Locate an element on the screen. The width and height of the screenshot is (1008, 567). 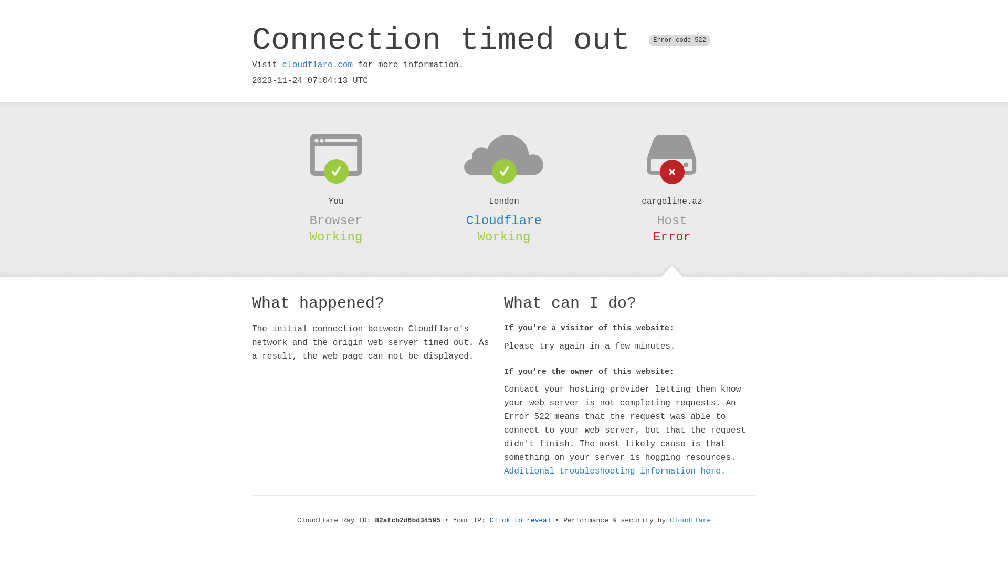
'Cloudflare' is located at coordinates (690, 520).